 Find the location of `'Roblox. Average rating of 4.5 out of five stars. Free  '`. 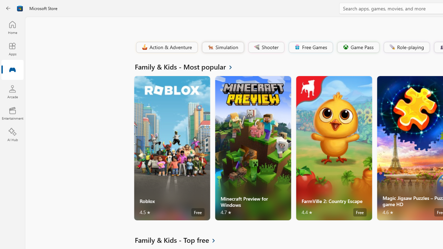

'Roblox. Average rating of 4.5 out of five stars. Free  ' is located at coordinates (172, 148).